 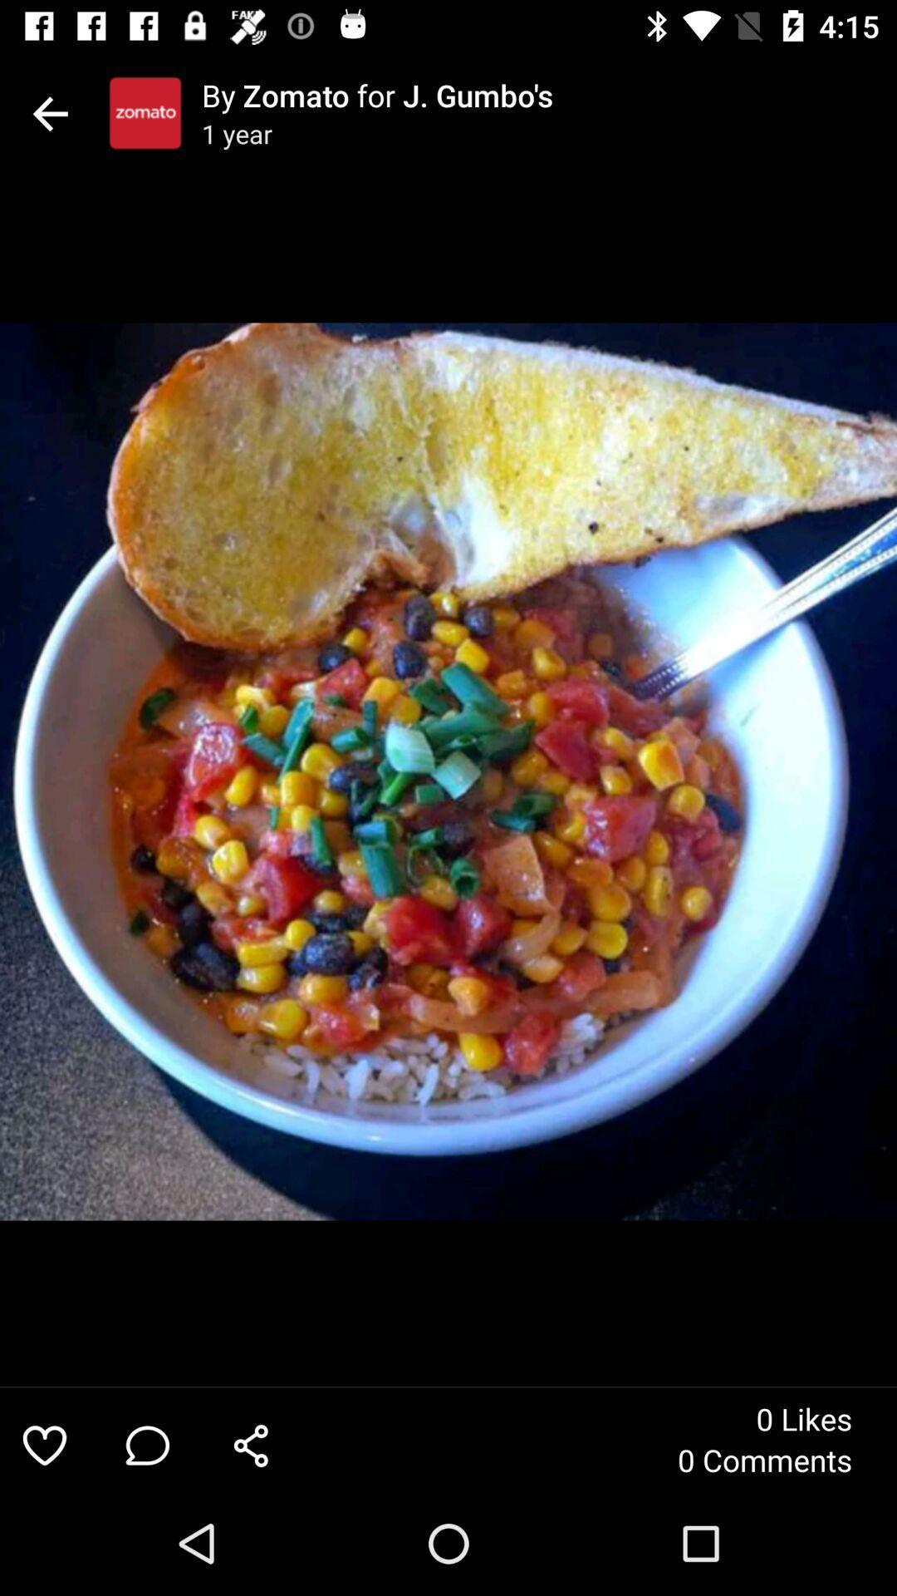 I want to click on icon at the center, so click(x=448, y=771).